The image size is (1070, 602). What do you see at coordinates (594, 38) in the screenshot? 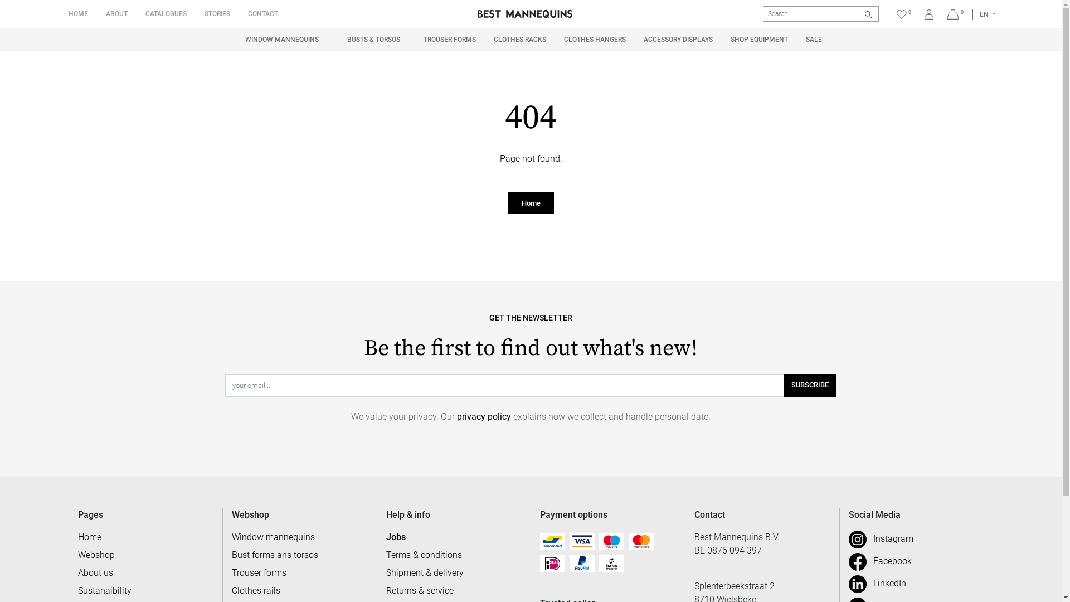
I see `'CLOTHES HANGERS'` at bounding box center [594, 38].